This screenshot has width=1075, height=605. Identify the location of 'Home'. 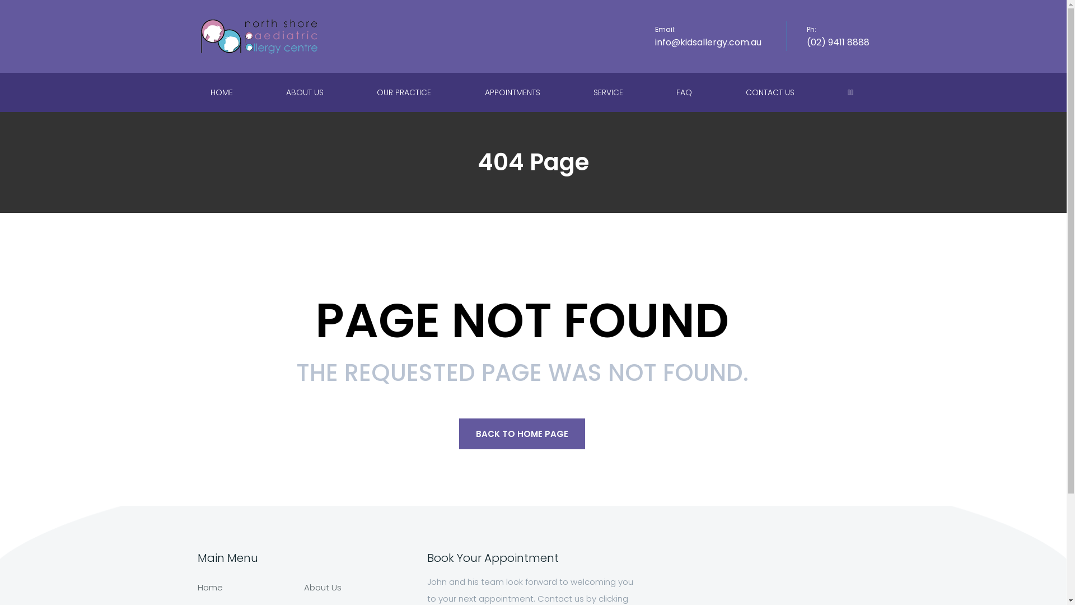
(209, 587).